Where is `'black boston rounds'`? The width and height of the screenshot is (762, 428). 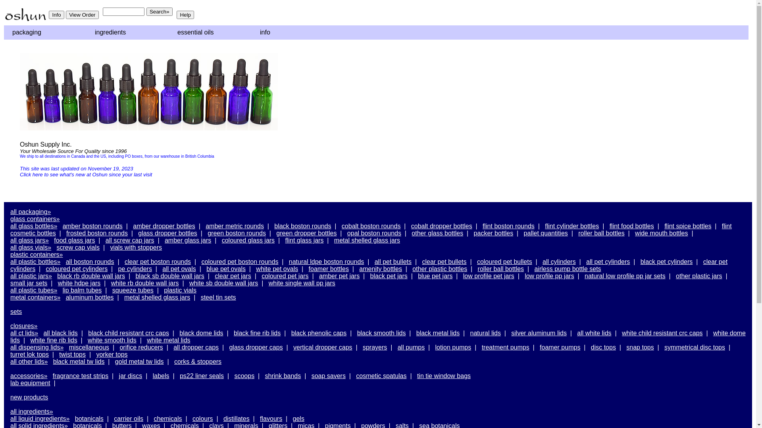 'black boston rounds' is located at coordinates (302, 226).